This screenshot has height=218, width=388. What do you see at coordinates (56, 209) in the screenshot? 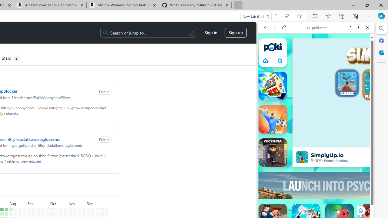
I see `'No contributions on October 13th.'` at bounding box center [56, 209].